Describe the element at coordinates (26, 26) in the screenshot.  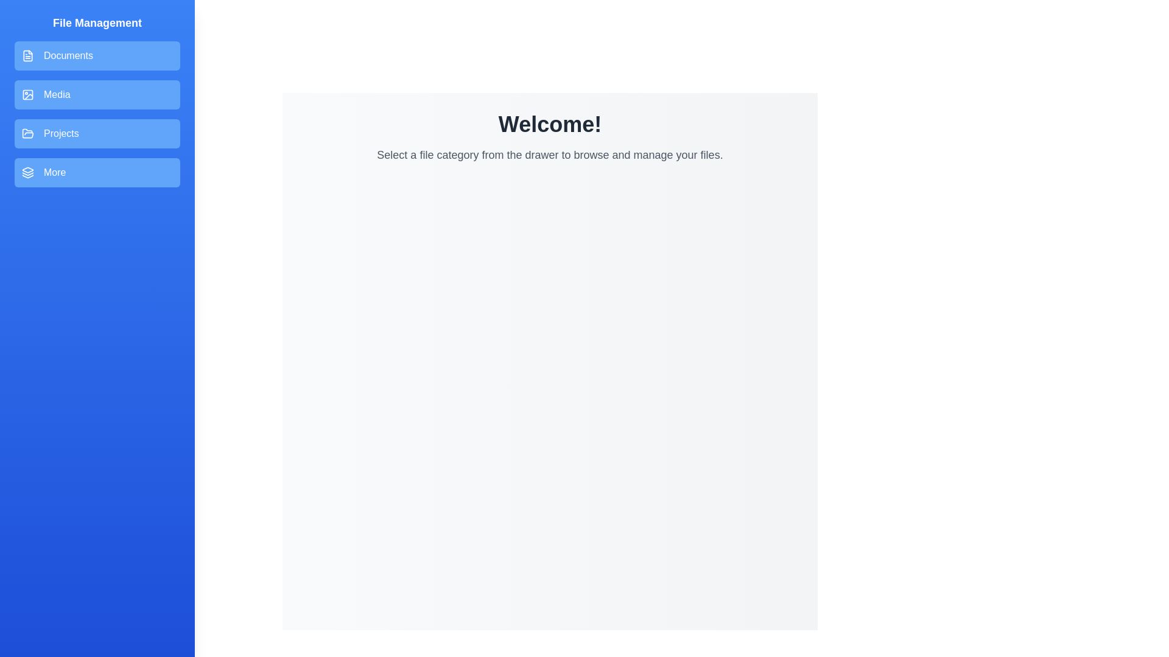
I see `floating button to toggle the drawer` at that location.